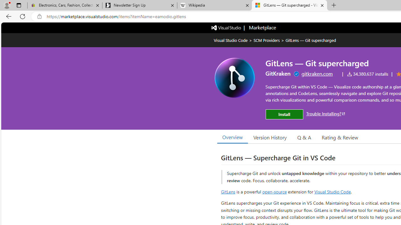 This screenshot has width=401, height=225. I want to click on 'Visual Studio logo', so click(226, 27).